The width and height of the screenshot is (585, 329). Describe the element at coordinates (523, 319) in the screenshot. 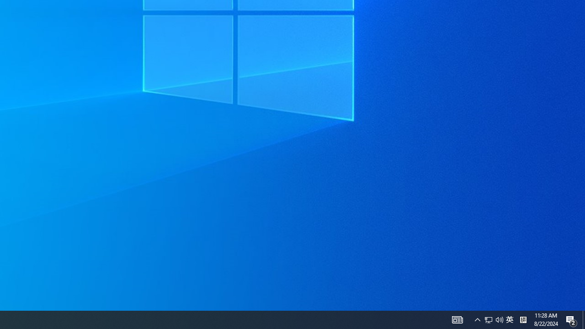

I see `'Tray Input Indicator - Chinese (Simplified, China)'` at that location.